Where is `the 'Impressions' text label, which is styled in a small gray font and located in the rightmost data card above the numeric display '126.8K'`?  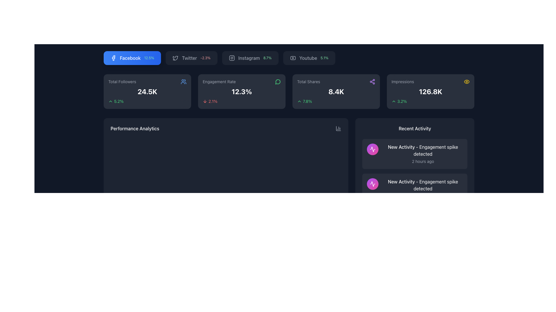 the 'Impressions' text label, which is styled in a small gray font and located in the rightmost data card above the numeric display '126.8K' is located at coordinates (402, 81).